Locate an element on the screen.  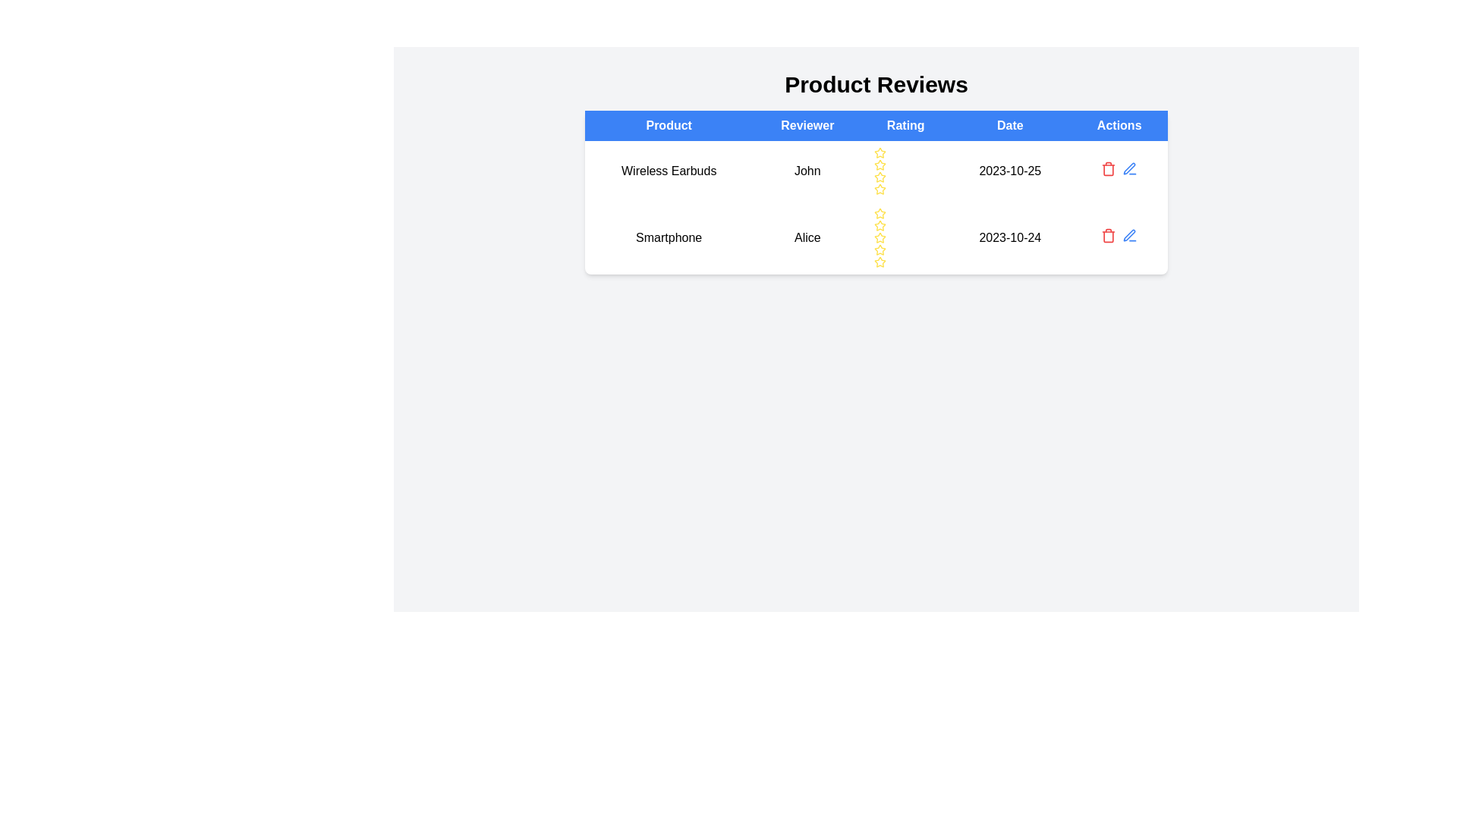
text of the date label displaying '2023-10-24', which is located in the second row under the 'Date' column of the table is located at coordinates (1010, 237).